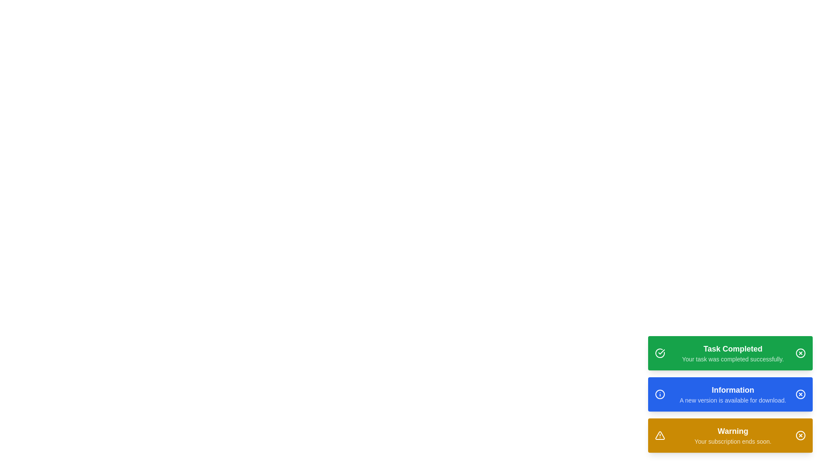  I want to click on the circular, minimalistic icon with a checkmark symbol located within the green notification card labeled 'Task Completed', so click(660, 353).